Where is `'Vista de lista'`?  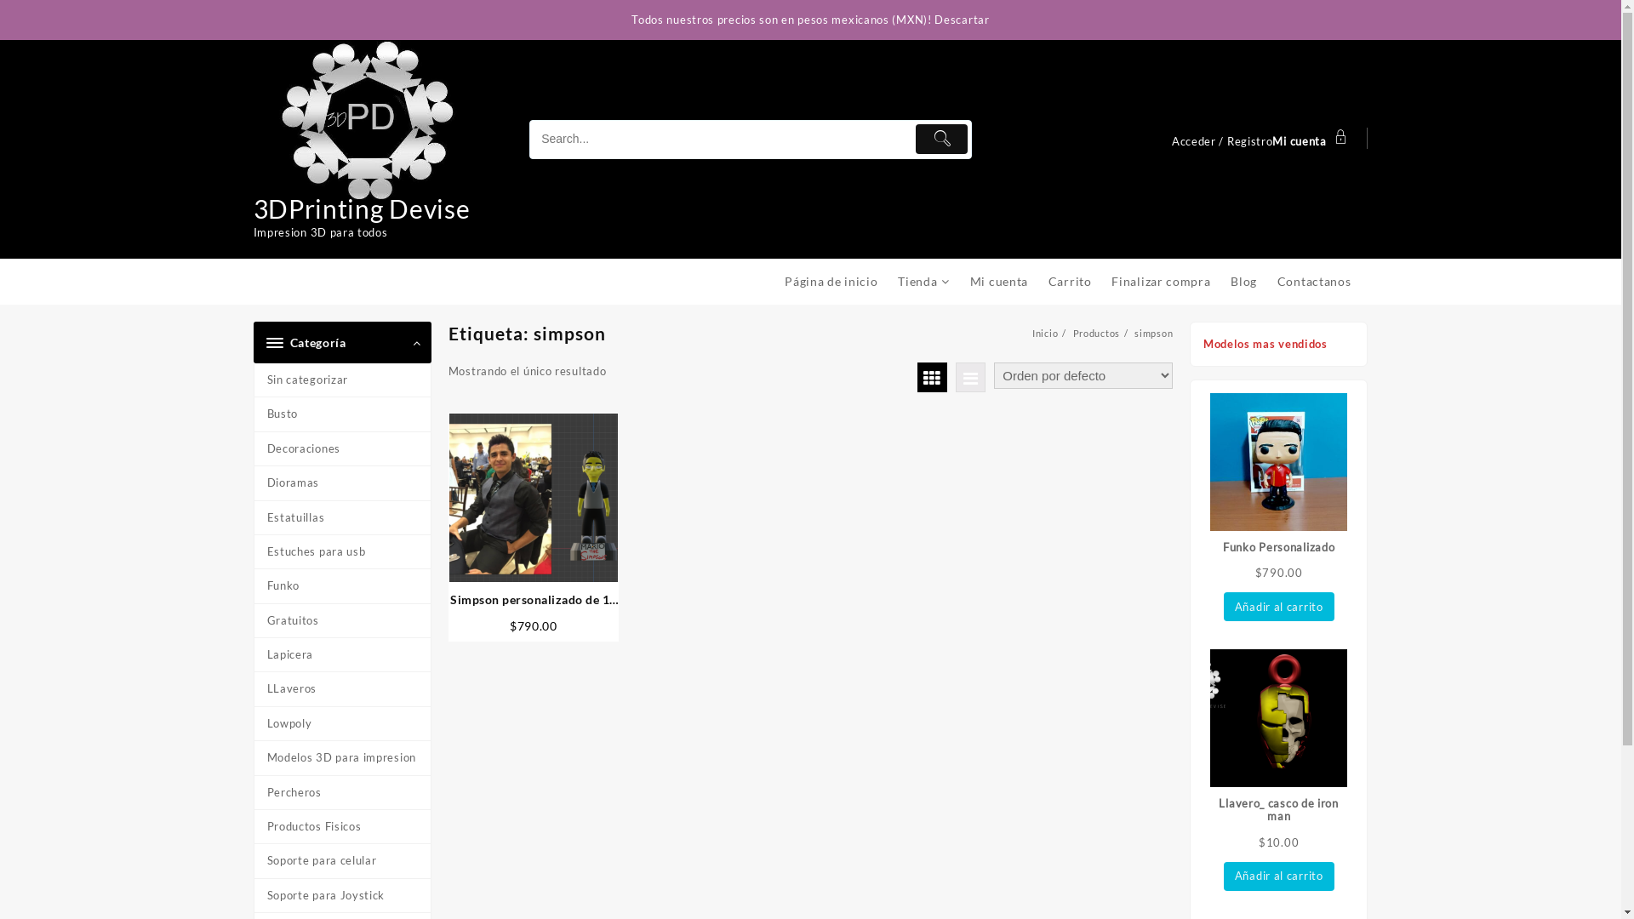
'Vista de lista' is located at coordinates (970, 376).